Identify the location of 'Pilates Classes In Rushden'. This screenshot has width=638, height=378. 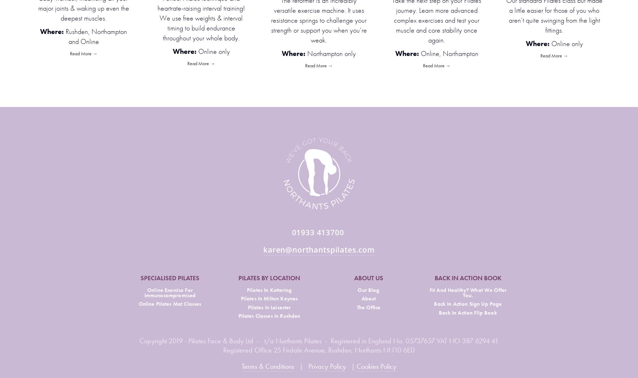
(238, 316).